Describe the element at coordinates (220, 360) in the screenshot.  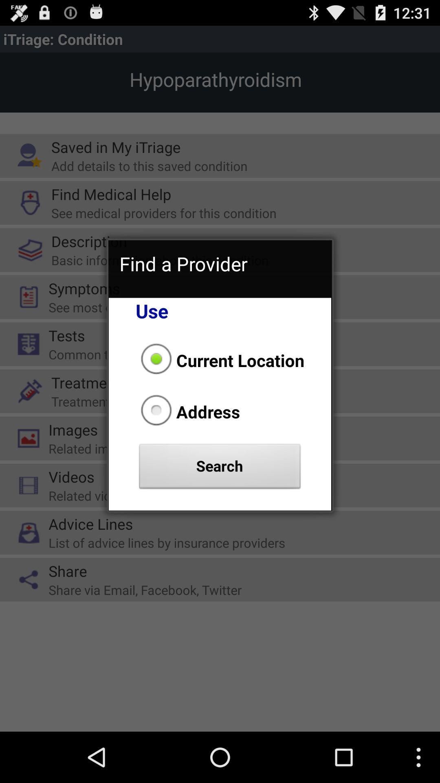
I see `the app below the use` at that location.